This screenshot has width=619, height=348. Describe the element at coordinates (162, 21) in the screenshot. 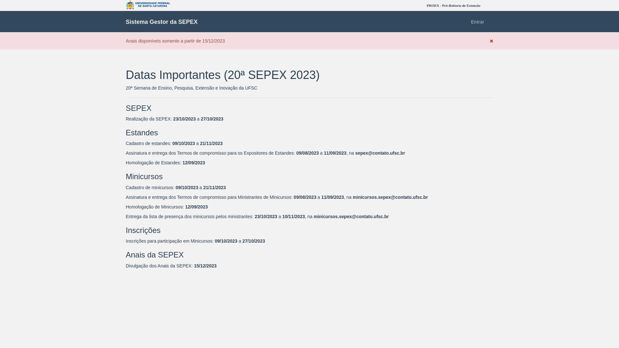

I see `'Sistema Gestor da SEPEX'` at that location.